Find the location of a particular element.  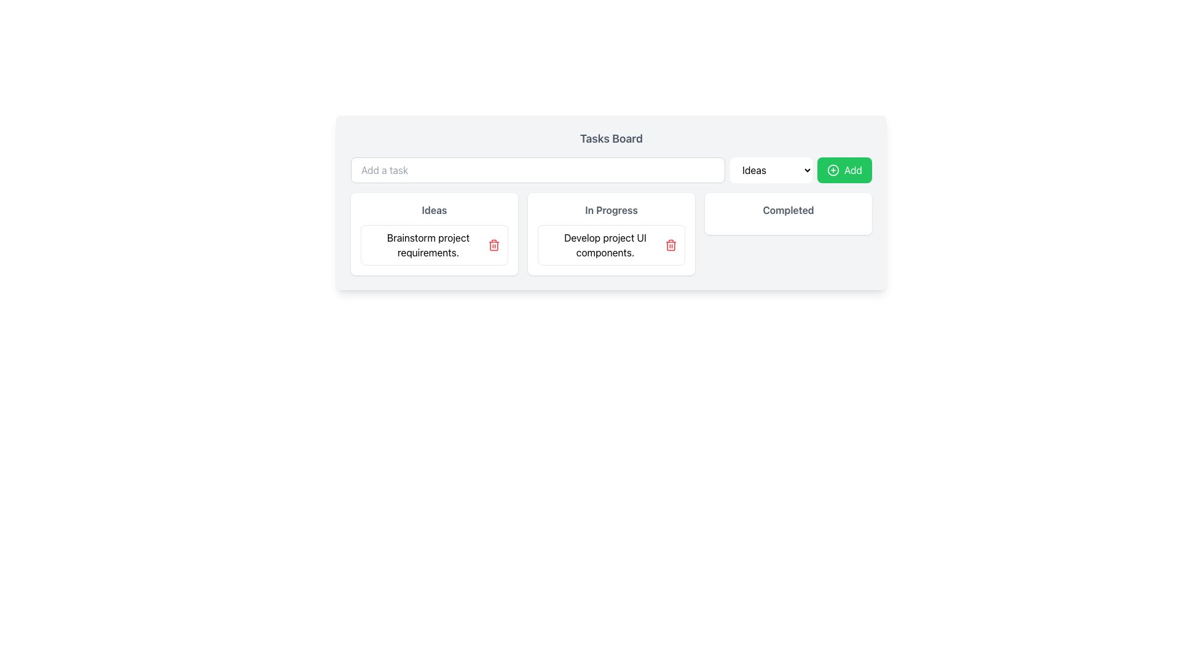

the delete button icon located on the right end of the 'Develop project UI components.' card under the 'In Progress' column for possible visual feedback is located at coordinates (670, 245).